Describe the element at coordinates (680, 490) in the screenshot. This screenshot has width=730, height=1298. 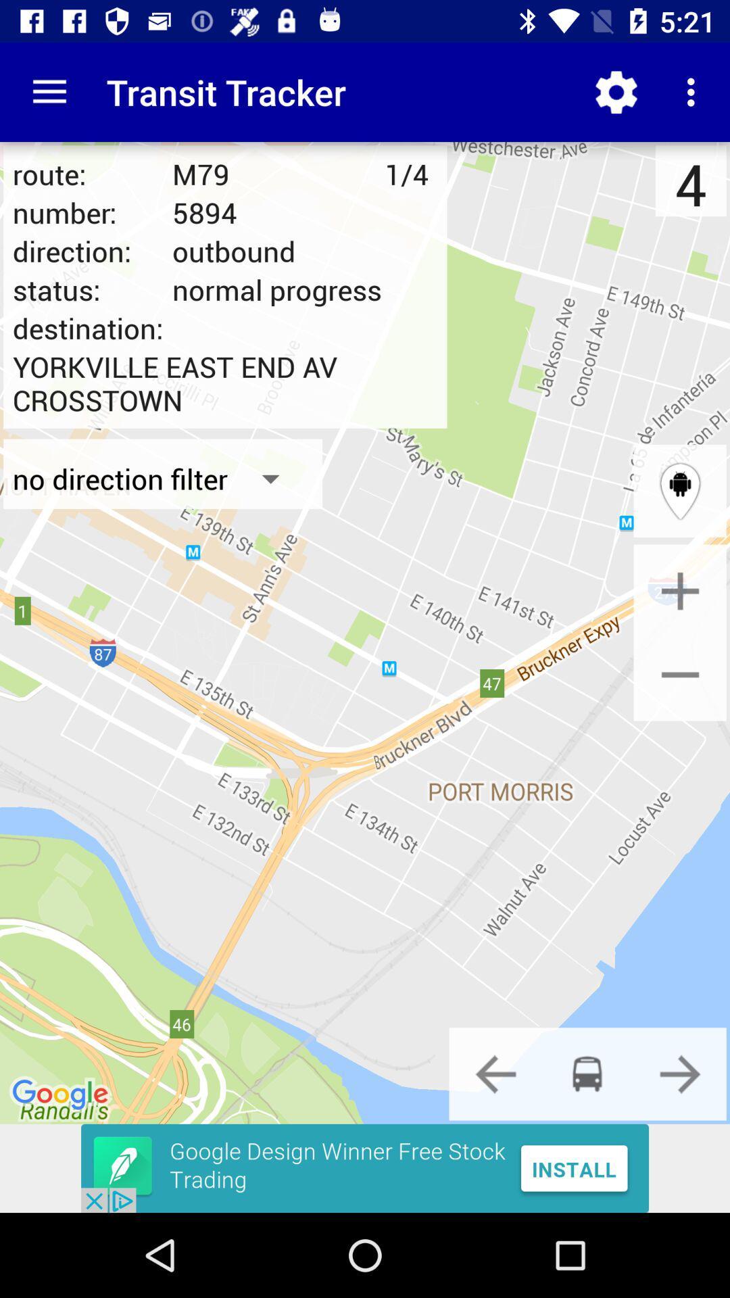
I see `the location icon` at that location.